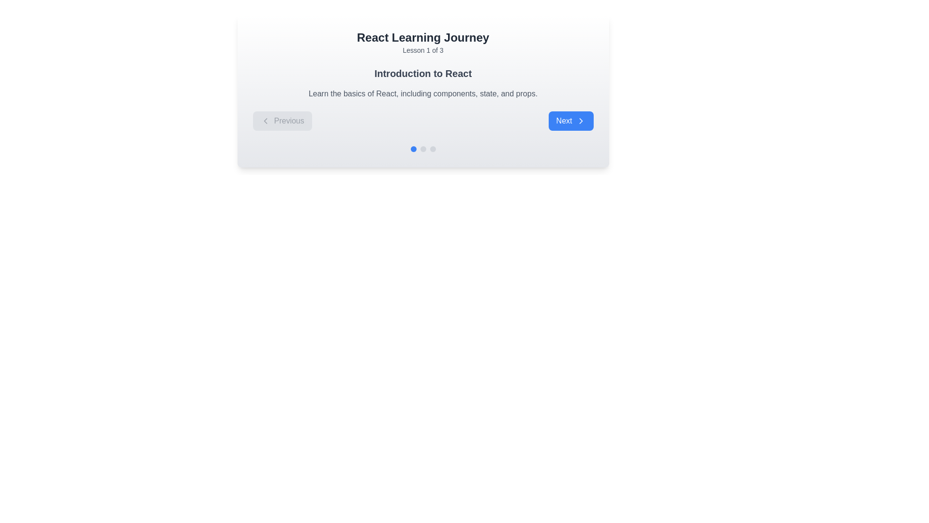  What do you see at coordinates (423, 93) in the screenshot?
I see `the informational text element that describes the core concepts of 'Introduction to React', positioned below the title text` at bounding box center [423, 93].